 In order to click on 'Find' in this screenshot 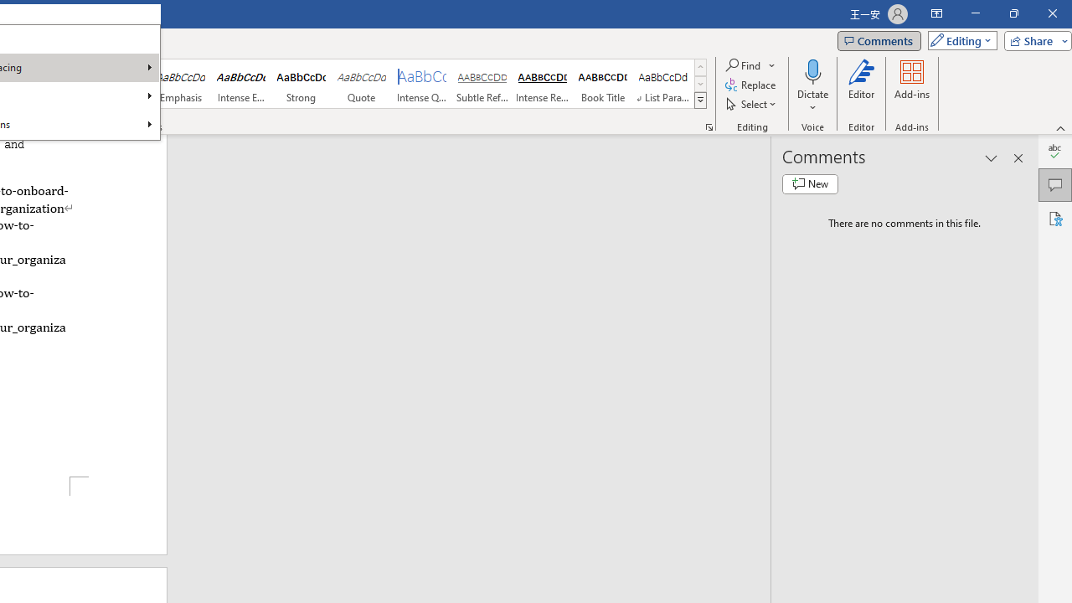, I will do `click(743, 64)`.